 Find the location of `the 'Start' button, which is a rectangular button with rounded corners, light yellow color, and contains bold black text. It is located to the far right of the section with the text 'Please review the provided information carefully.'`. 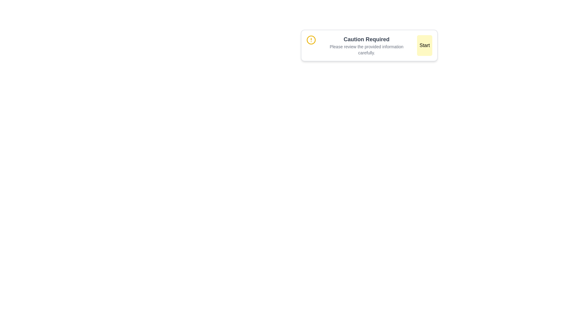

the 'Start' button, which is a rectangular button with rounded corners, light yellow color, and contains bold black text. It is located to the far right of the section with the text 'Please review the provided information carefully.' is located at coordinates (424, 45).